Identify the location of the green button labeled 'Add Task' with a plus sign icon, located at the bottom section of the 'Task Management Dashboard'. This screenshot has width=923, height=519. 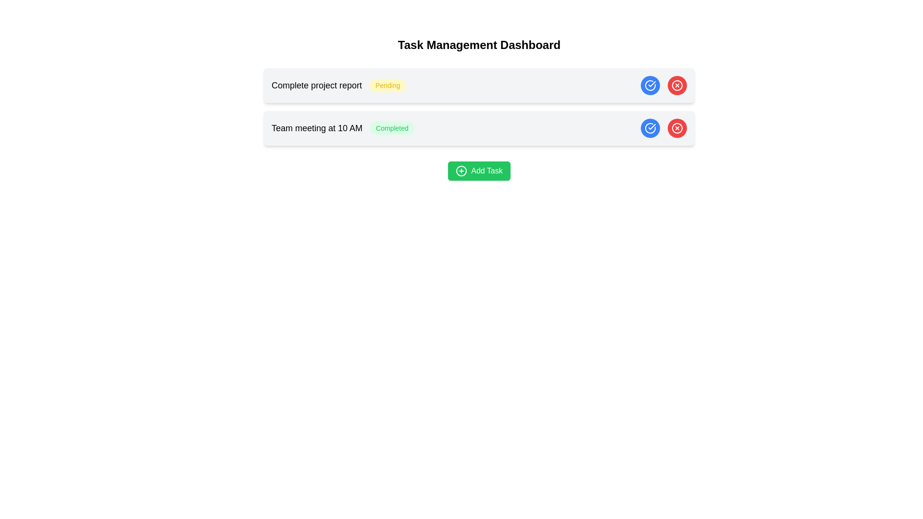
(479, 170).